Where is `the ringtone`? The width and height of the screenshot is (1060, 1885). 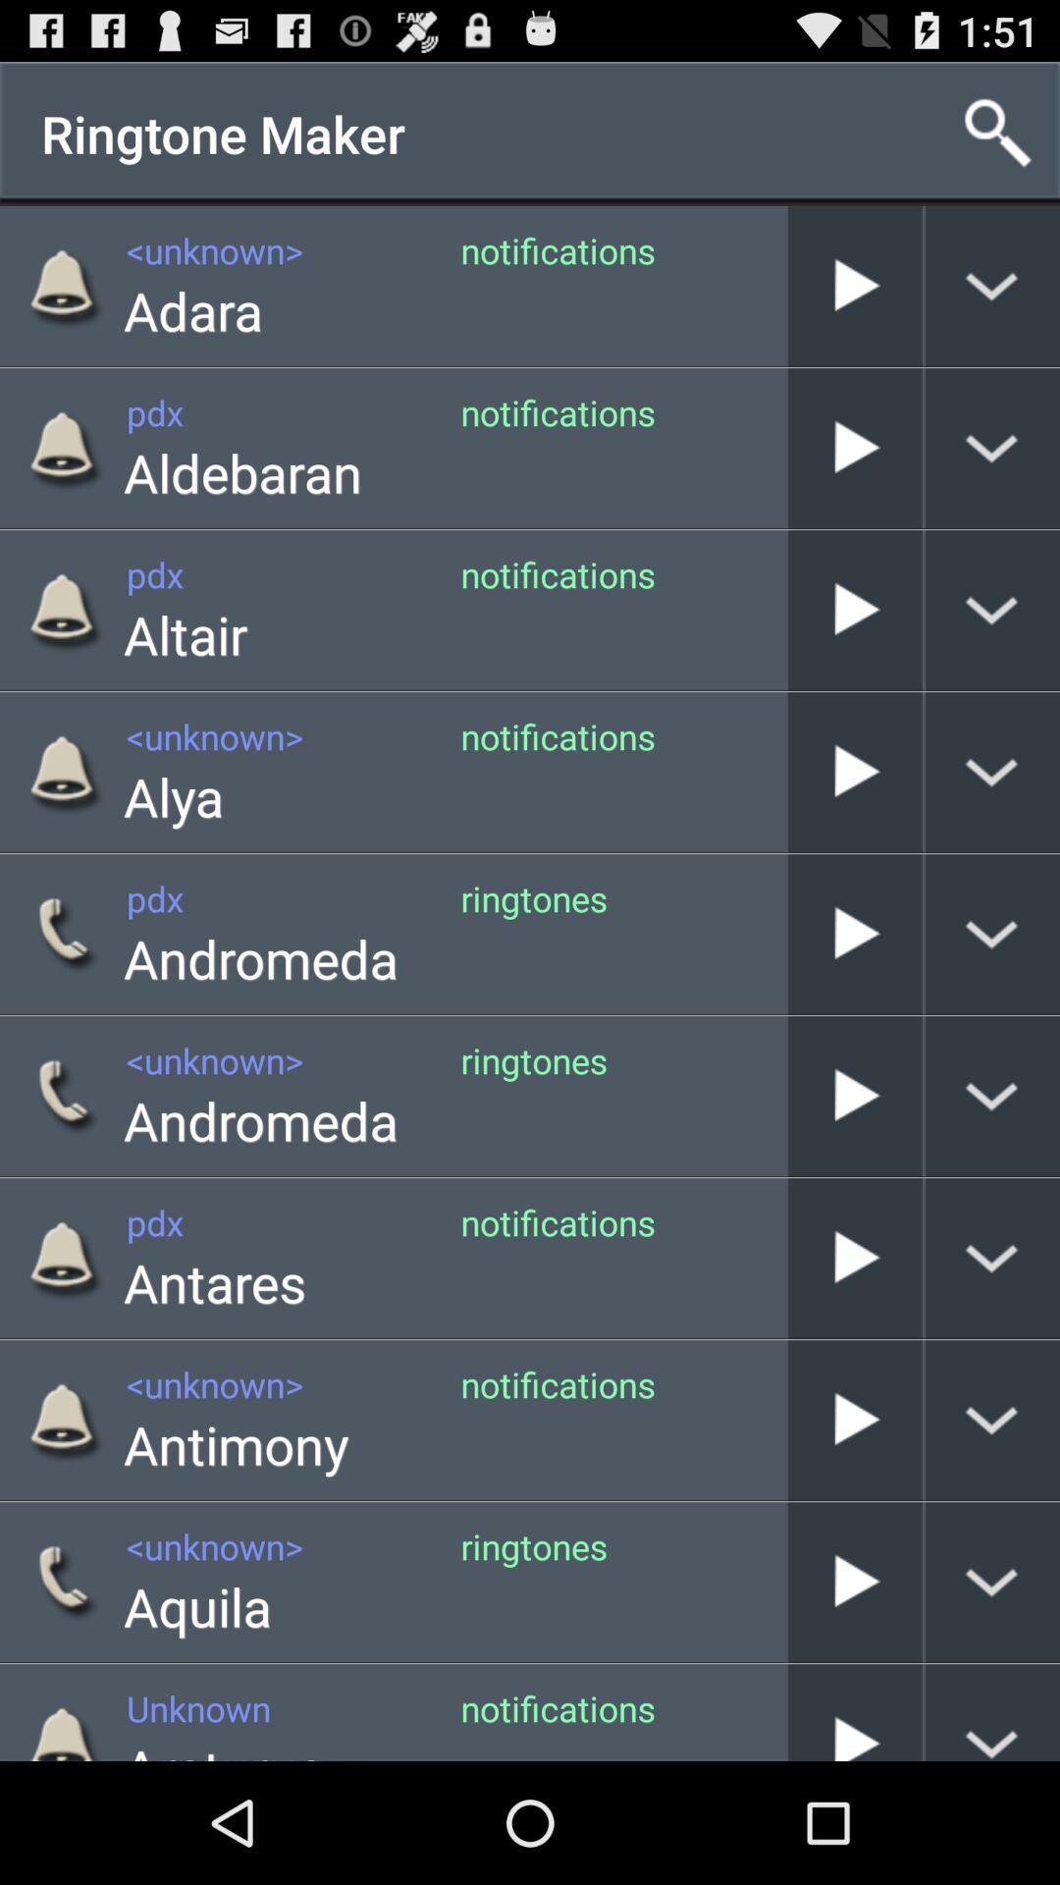
the ringtone is located at coordinates (854, 1095).